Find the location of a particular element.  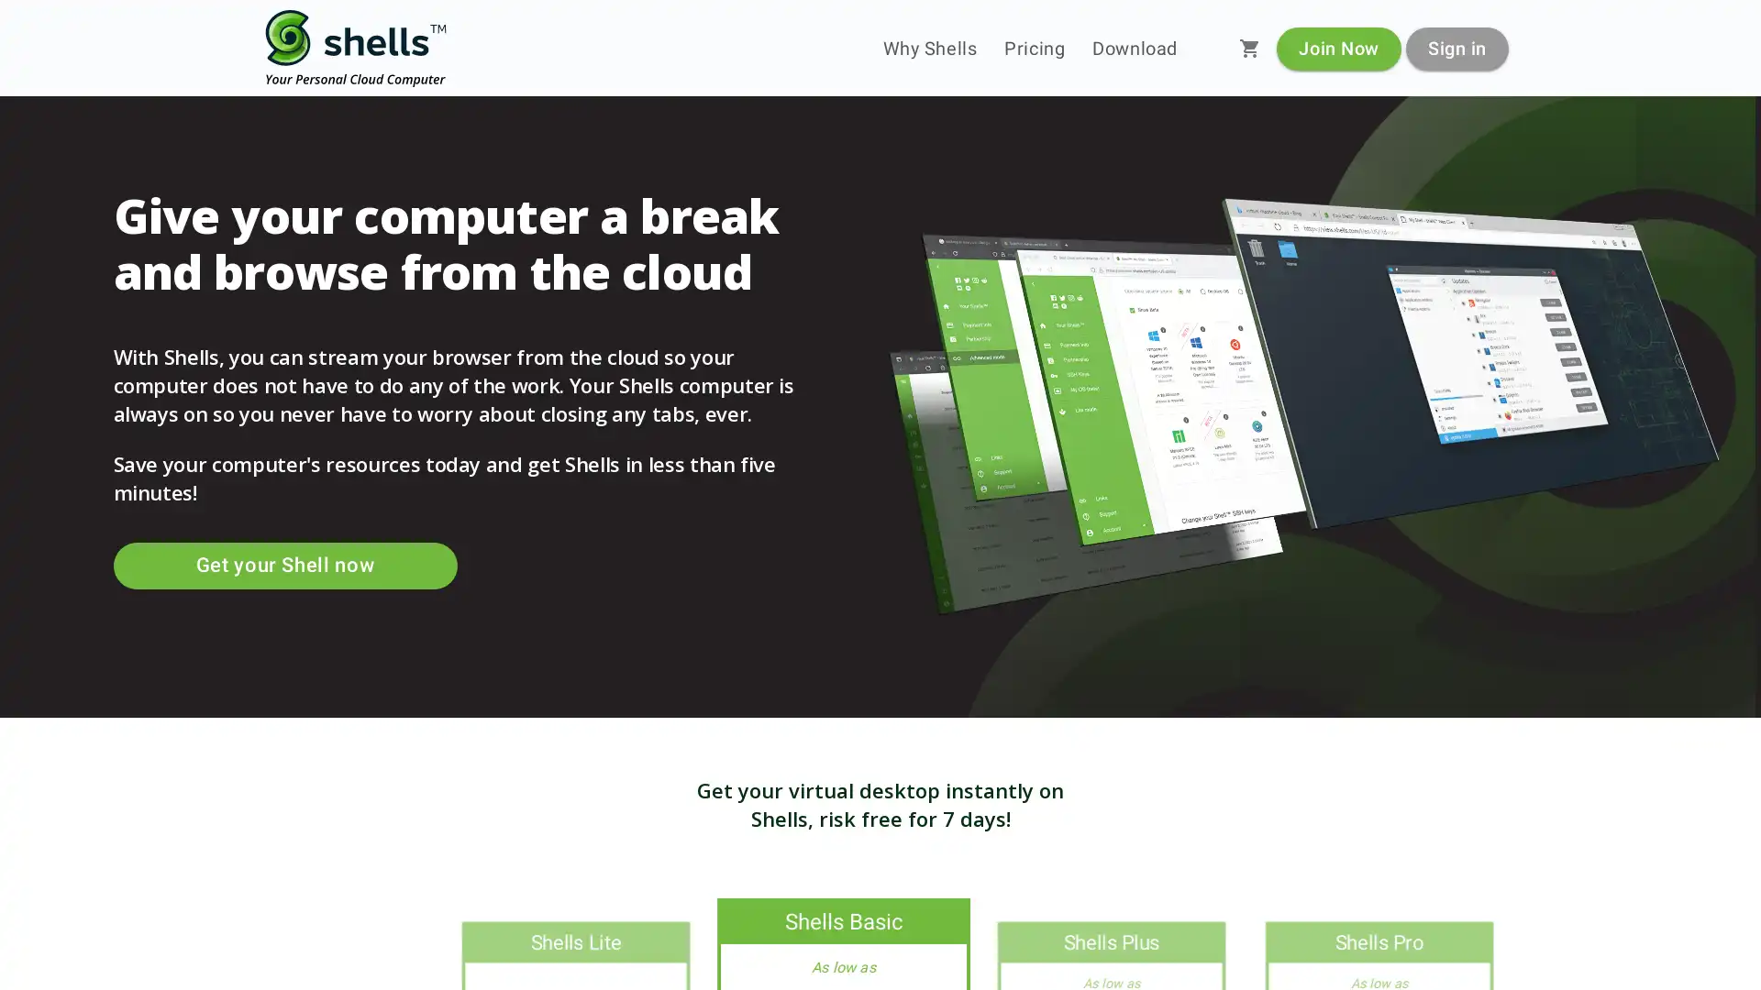

Join Now is located at coordinates (1338, 47).